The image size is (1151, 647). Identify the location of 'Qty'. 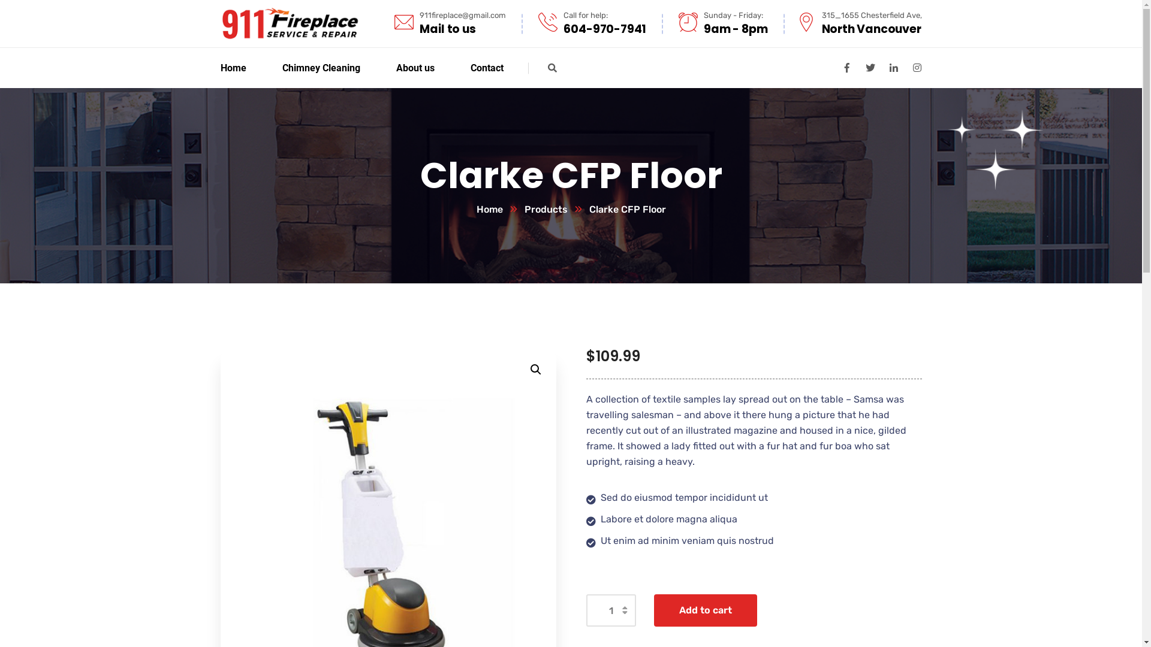
(611, 610).